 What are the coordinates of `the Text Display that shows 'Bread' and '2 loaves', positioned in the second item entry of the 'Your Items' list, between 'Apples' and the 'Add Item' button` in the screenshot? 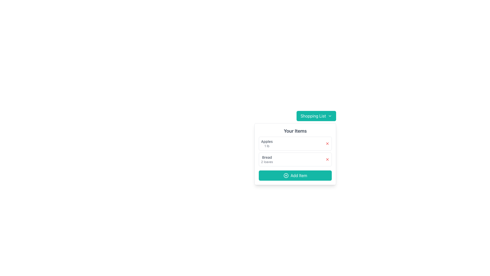 It's located at (267, 159).